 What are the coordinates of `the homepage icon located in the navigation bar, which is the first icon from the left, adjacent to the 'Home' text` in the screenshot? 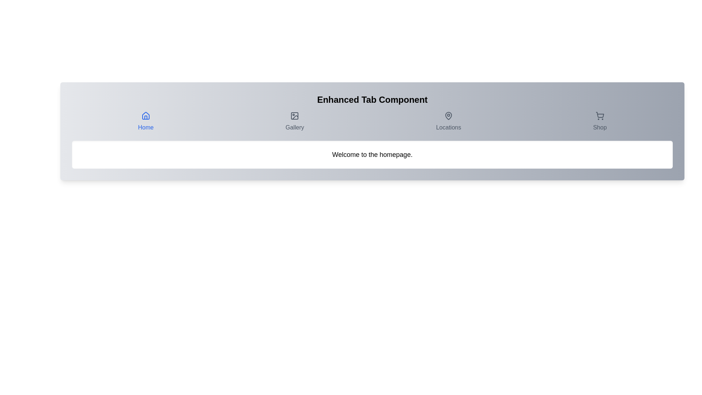 It's located at (146, 115).